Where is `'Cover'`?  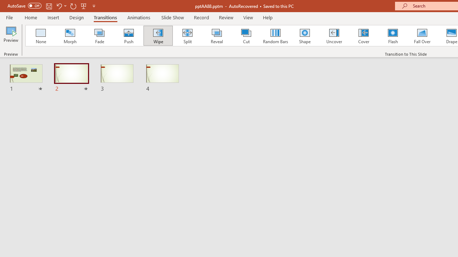 'Cover' is located at coordinates (364, 36).